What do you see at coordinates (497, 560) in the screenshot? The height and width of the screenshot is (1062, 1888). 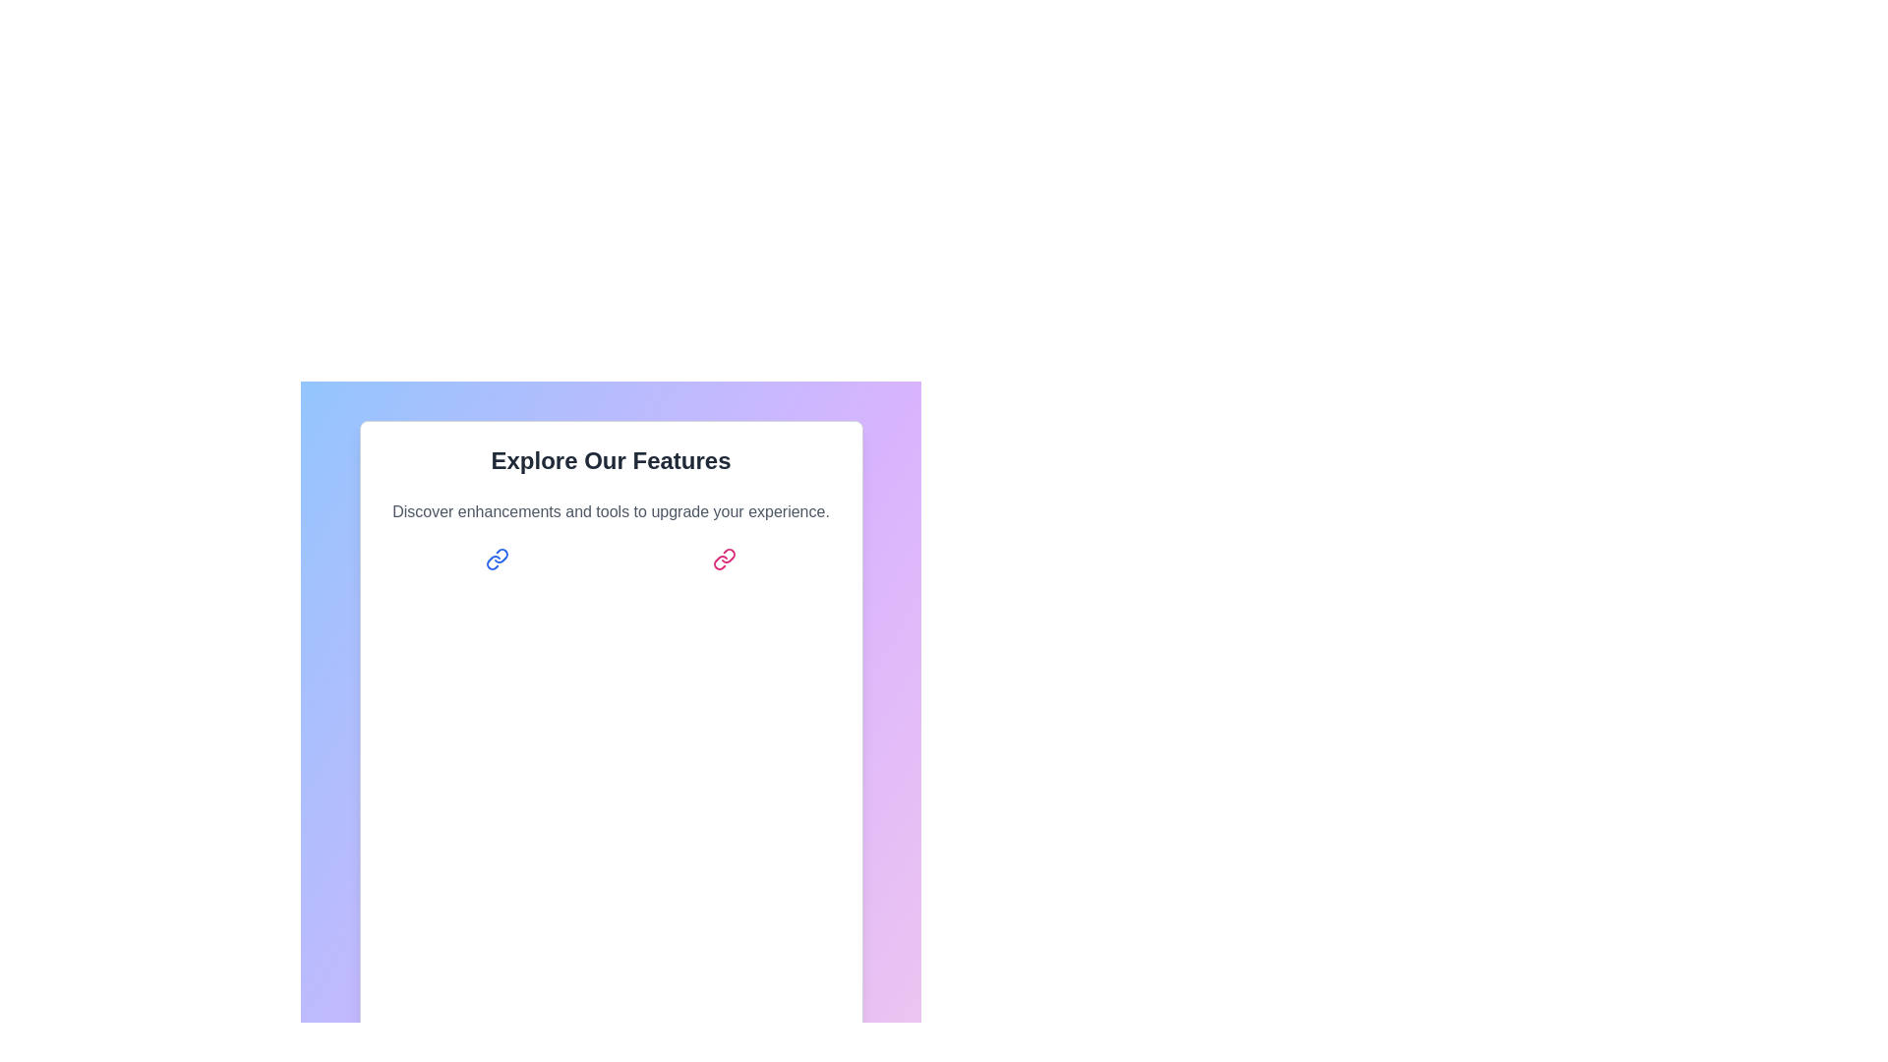 I see `the blue chain link icon button located to the left of the 'Get Started' option` at bounding box center [497, 560].